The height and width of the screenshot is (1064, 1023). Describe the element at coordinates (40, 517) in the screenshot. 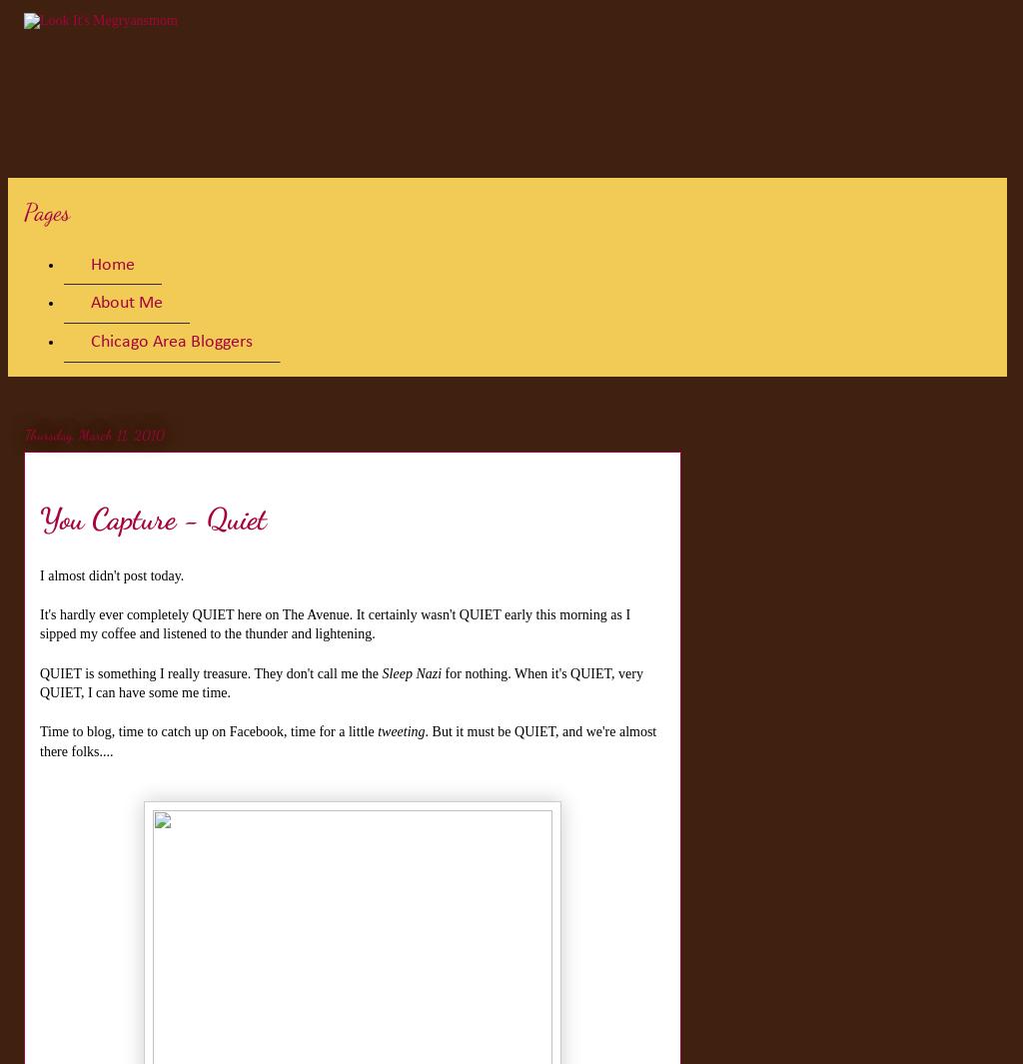

I see `'You Capture - Quiet'` at that location.